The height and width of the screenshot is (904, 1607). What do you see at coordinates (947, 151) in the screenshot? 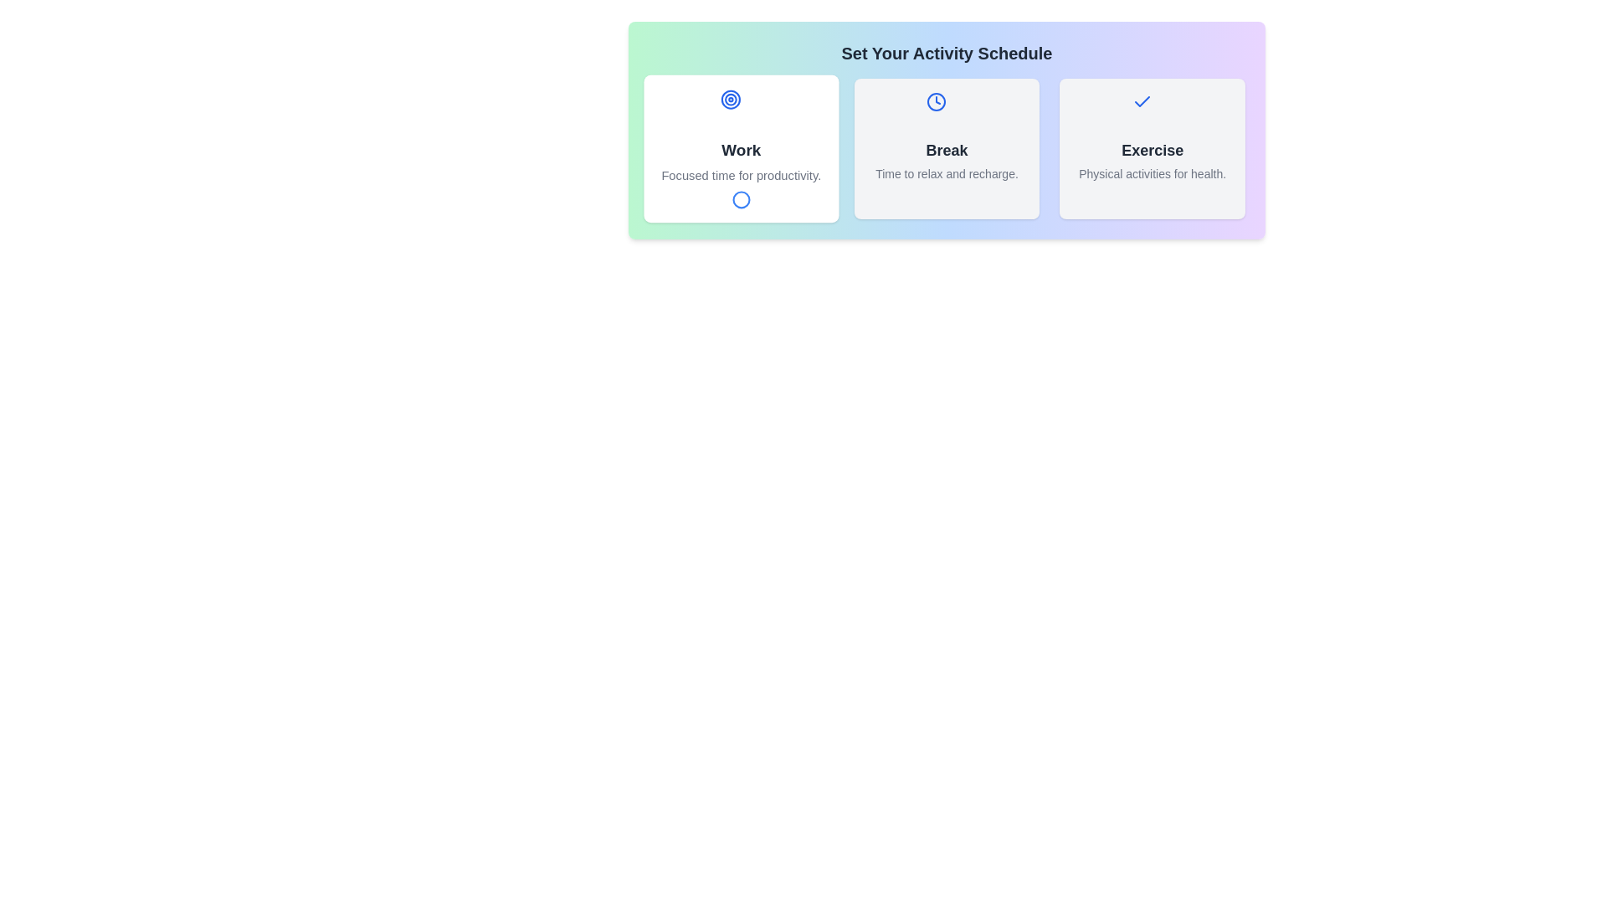
I see `the static text label displaying the word 'Break', which is bold and dark gray, located in the middle column of the activity selection section, positioned above the description text and below the clock icon` at bounding box center [947, 151].